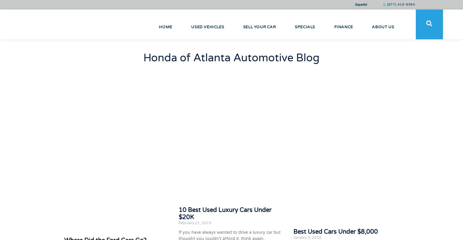 The height and width of the screenshot is (240, 463). Describe the element at coordinates (178, 222) in the screenshot. I see `'February 21, 2019'` at that location.